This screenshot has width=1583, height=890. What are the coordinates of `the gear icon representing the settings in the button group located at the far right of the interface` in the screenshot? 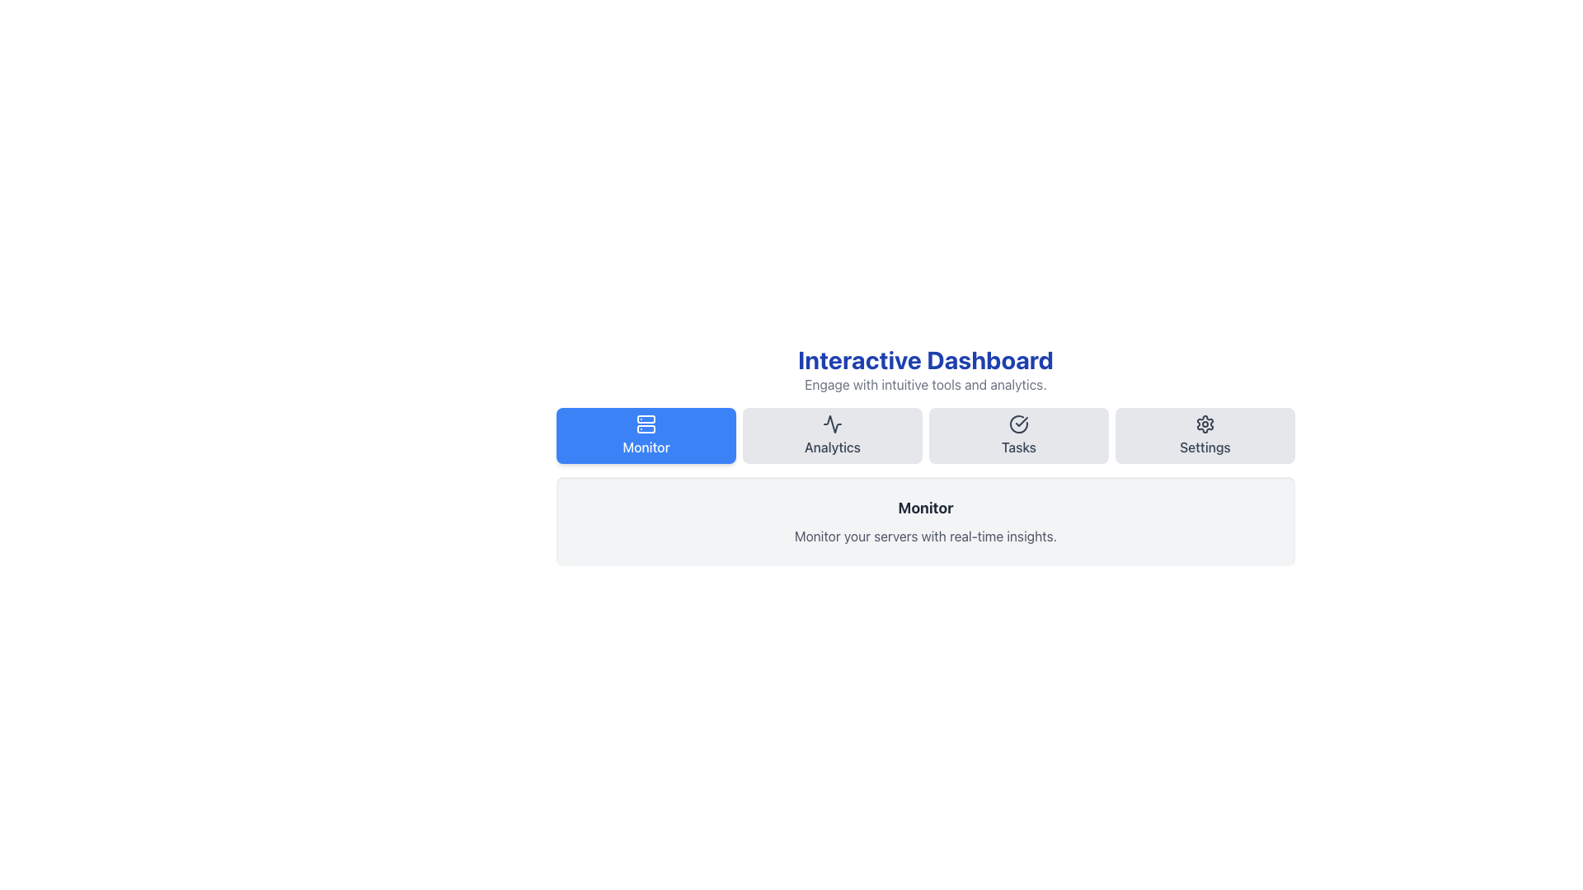 It's located at (1205, 424).